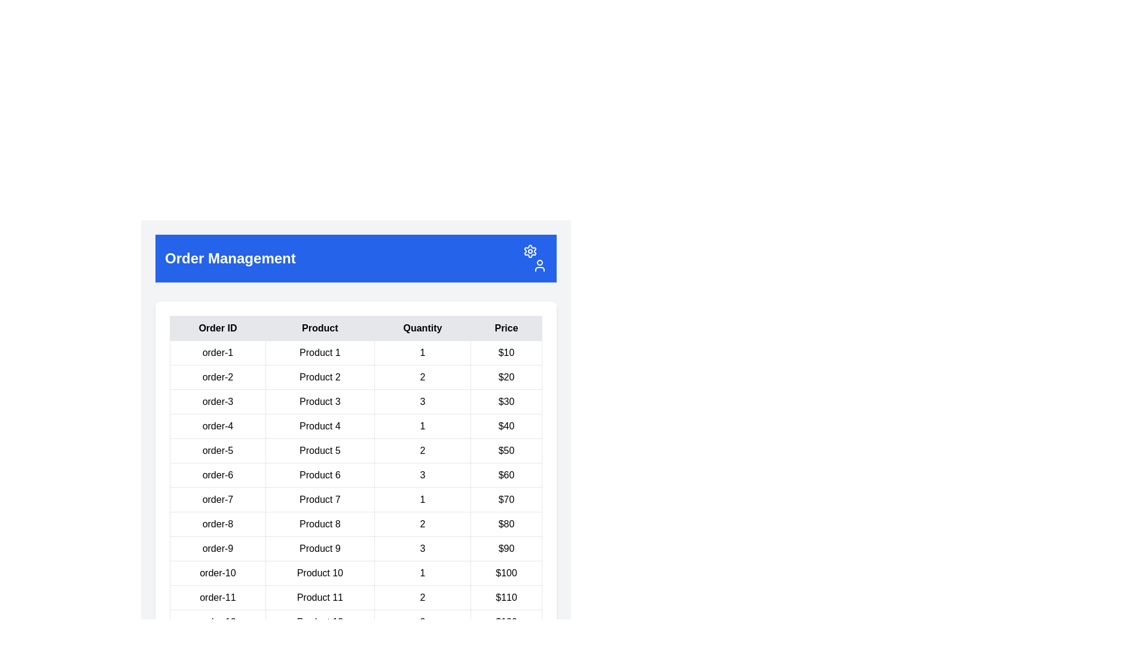  I want to click on the table cell containing the text 'Product 6' in the 'Order Management' table, which is styled with a white background and black border, so click(320, 474).